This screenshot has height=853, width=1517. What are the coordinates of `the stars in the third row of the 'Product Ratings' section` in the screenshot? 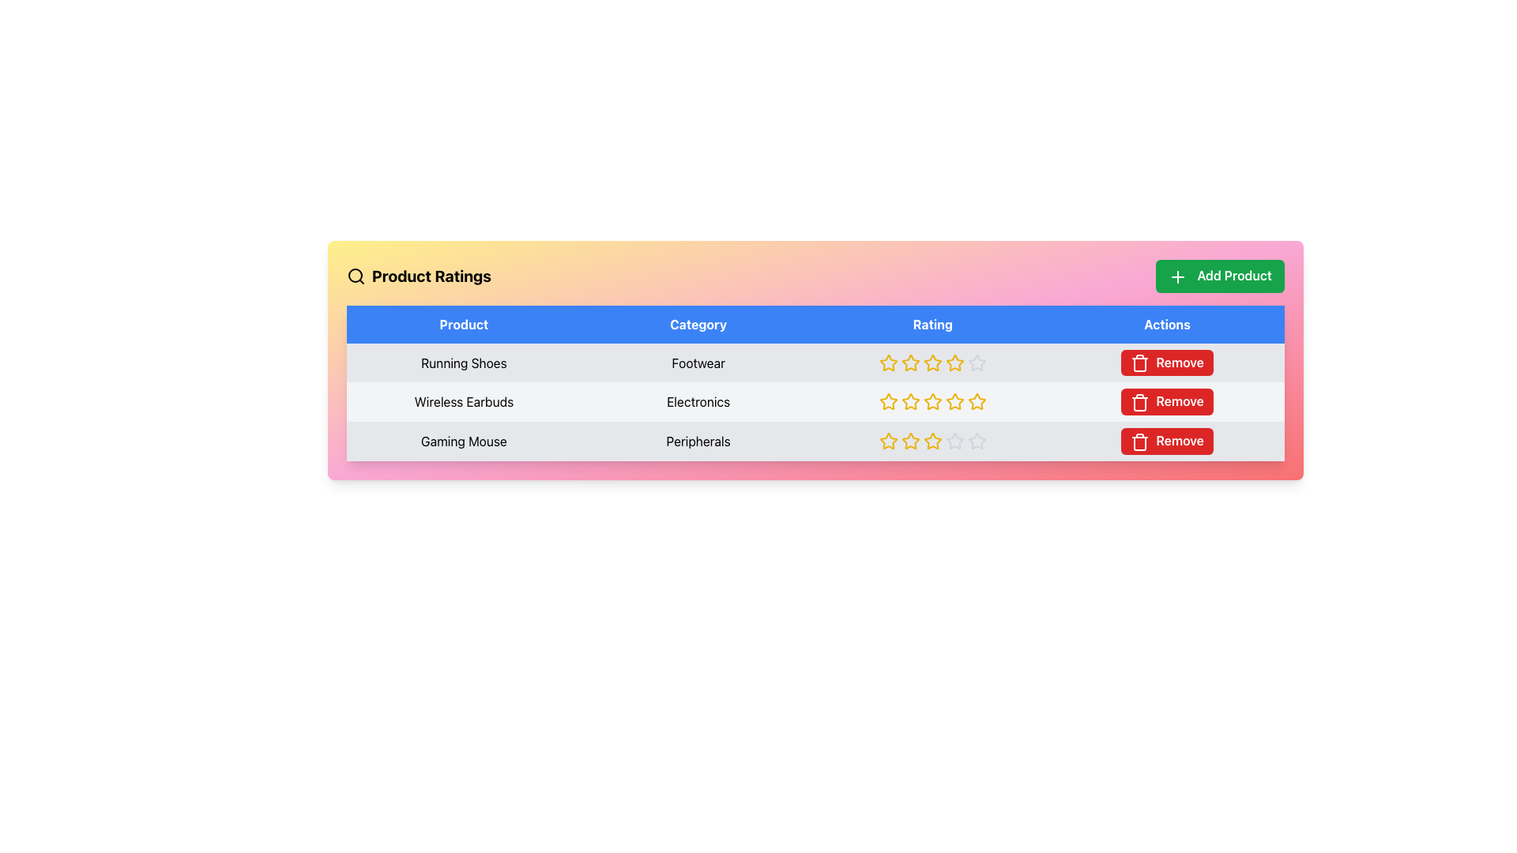 It's located at (815, 442).